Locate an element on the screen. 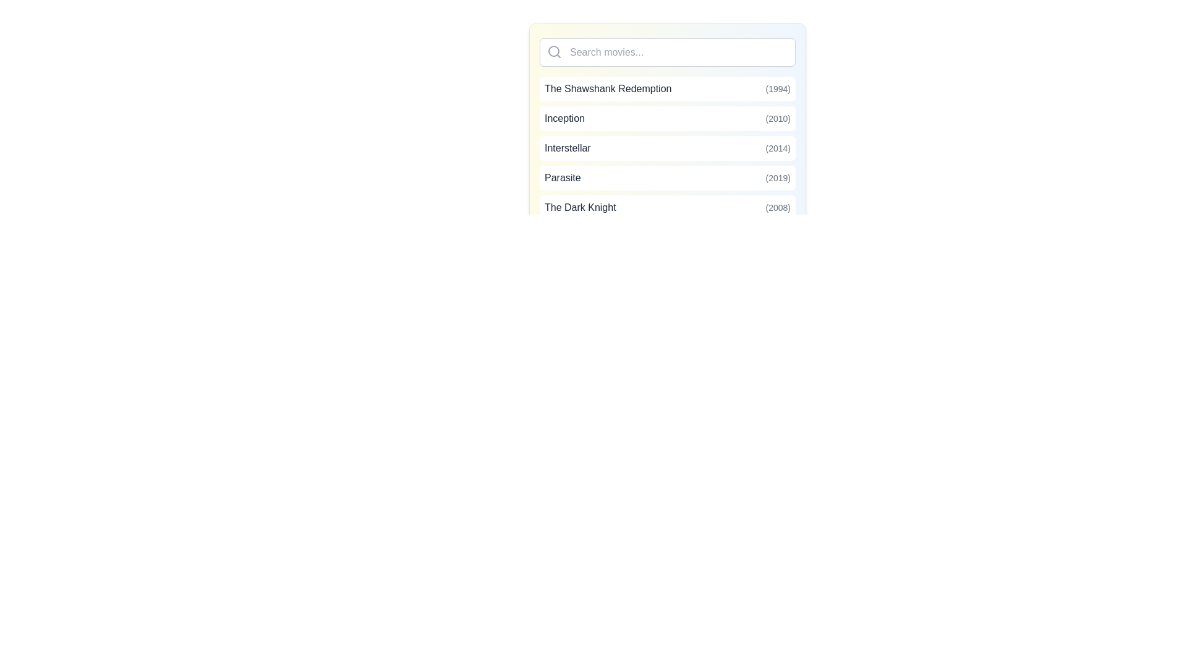 The image size is (1187, 668). the label that provides contextual information about the release year of 'The Shawshank Redemption', positioned at the right end of the movie title's row is located at coordinates (777, 88).